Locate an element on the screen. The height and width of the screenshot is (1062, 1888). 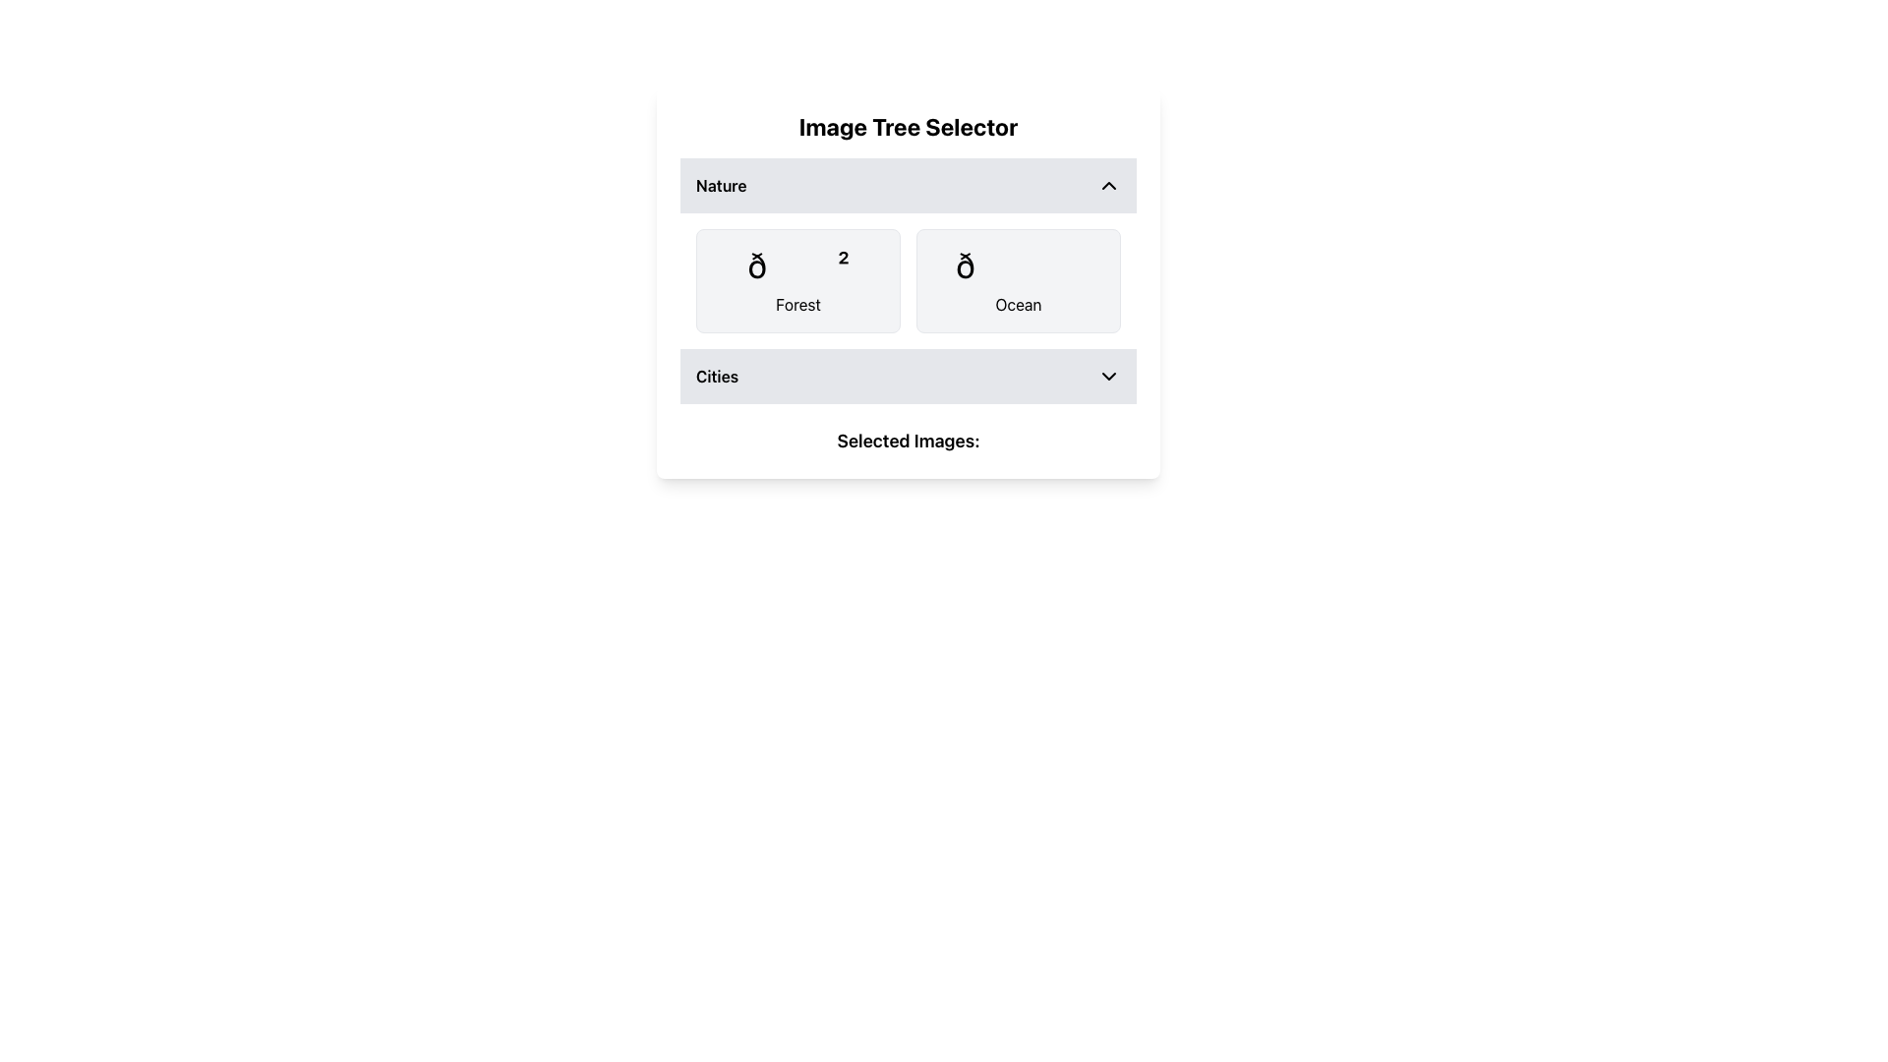
the downward-pointing chevron icon in the 'Cities' section of the dropdown group to trigger a tooltip is located at coordinates (1109, 376).